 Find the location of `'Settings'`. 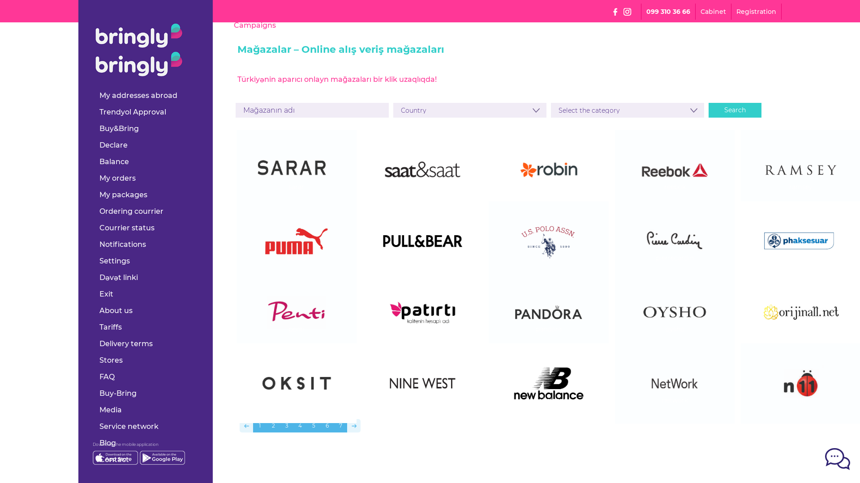

'Settings' is located at coordinates (114, 261).